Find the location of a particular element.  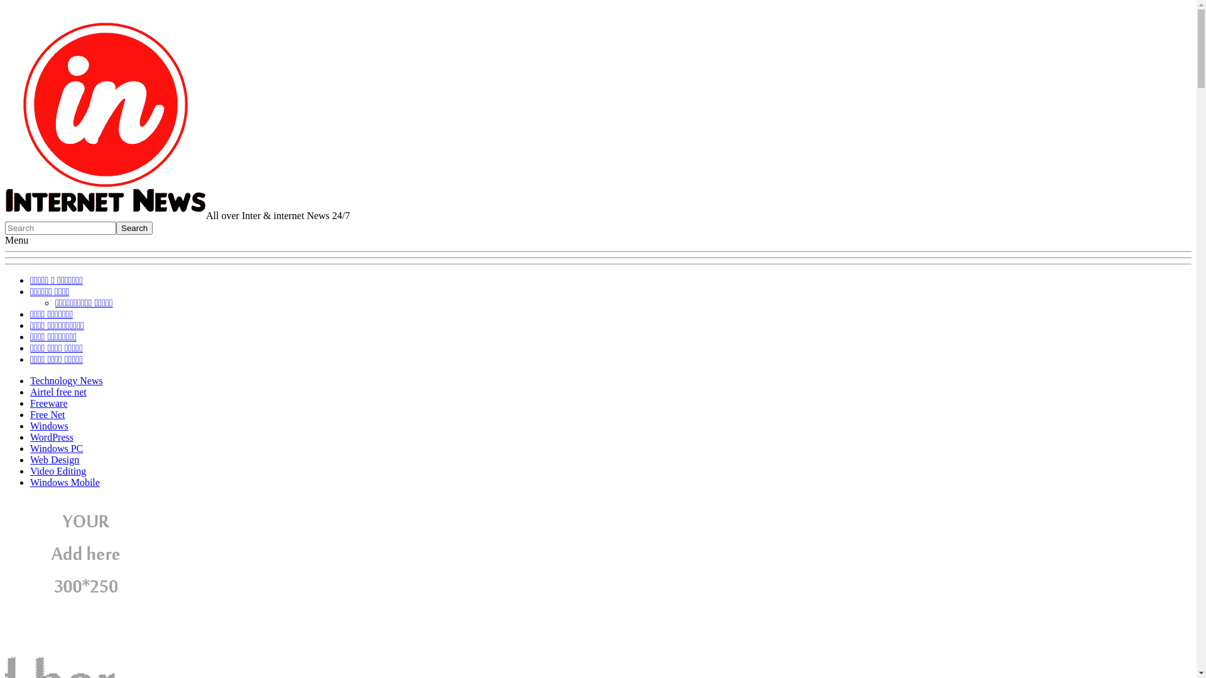

'Video Editing' is located at coordinates (57, 471).